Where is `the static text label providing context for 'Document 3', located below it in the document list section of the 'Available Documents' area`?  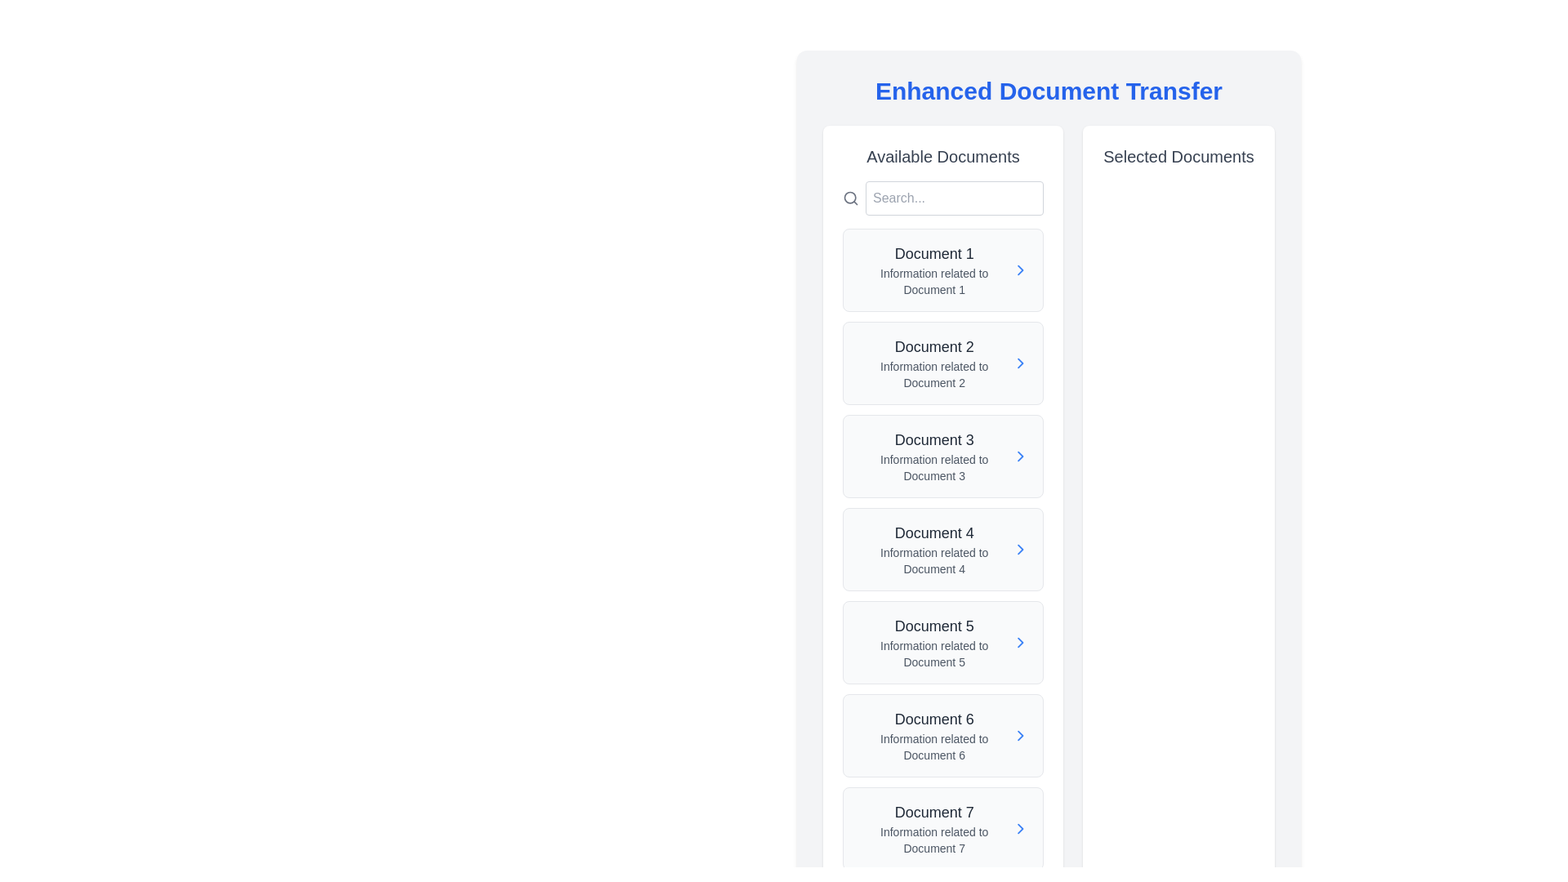 the static text label providing context for 'Document 3', located below it in the document list section of the 'Available Documents' area is located at coordinates (934, 468).